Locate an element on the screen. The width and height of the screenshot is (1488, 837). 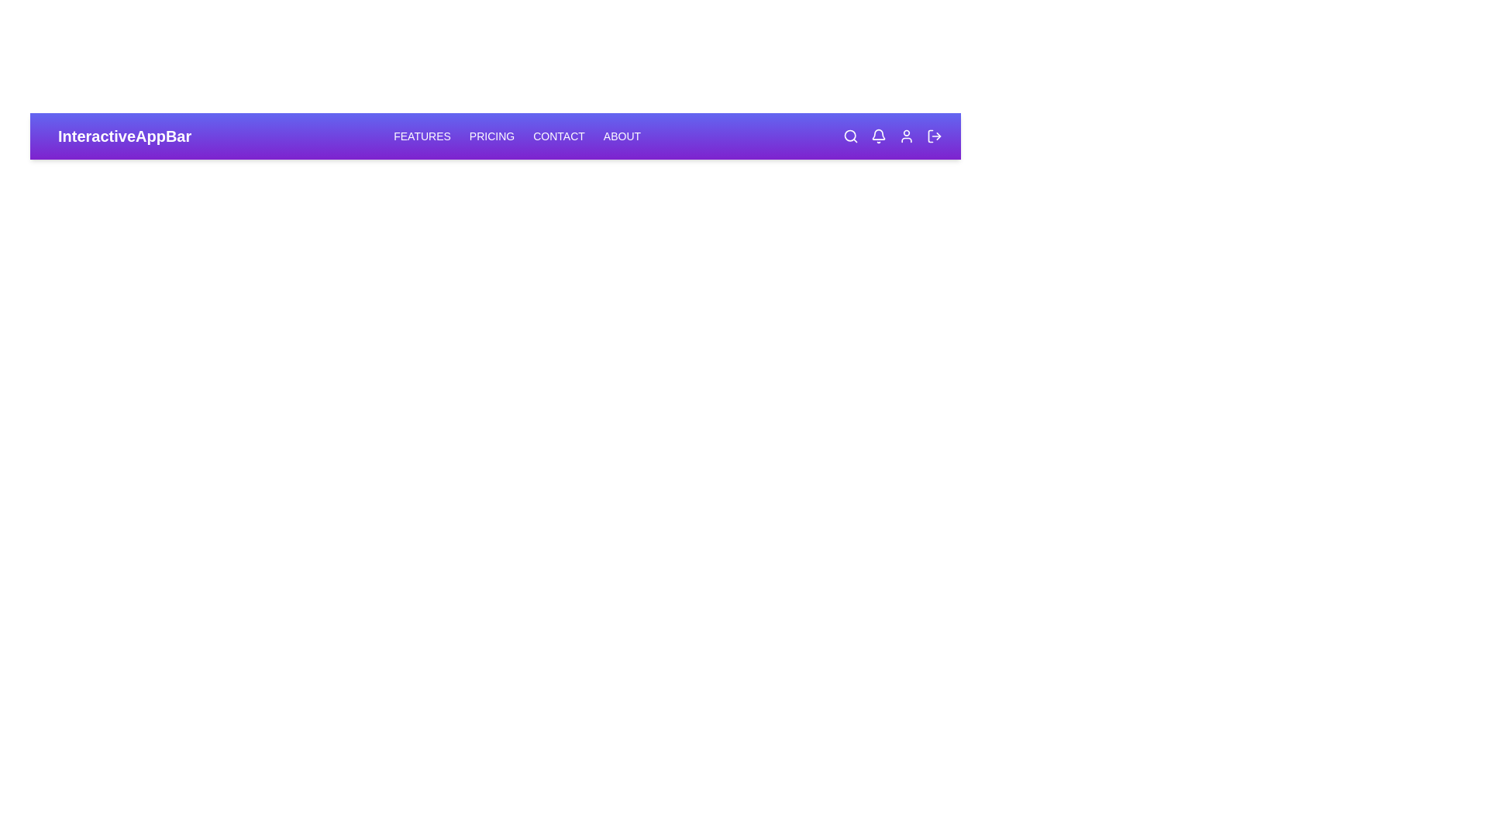
the navigation link Contact to see the hover effect is located at coordinates (558, 136).